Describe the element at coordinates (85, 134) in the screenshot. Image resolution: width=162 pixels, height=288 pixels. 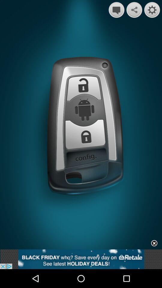
I see `lock` at that location.